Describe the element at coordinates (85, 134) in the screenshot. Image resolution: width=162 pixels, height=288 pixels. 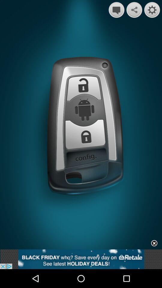
I see `lock` at that location.